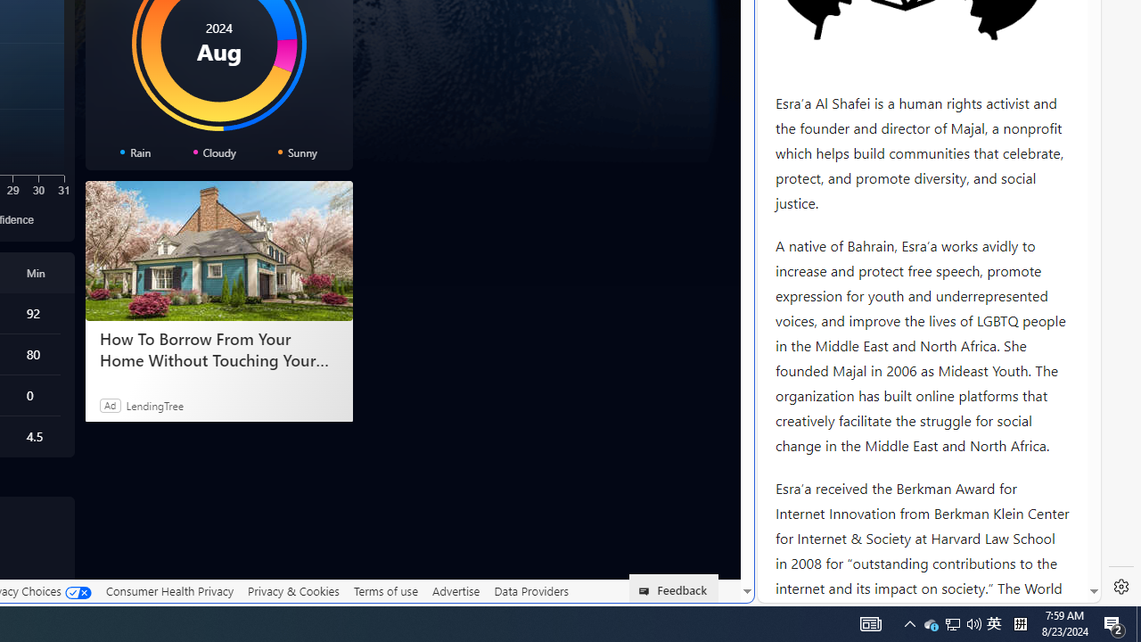  I want to click on 'Data Providers', so click(529, 591).